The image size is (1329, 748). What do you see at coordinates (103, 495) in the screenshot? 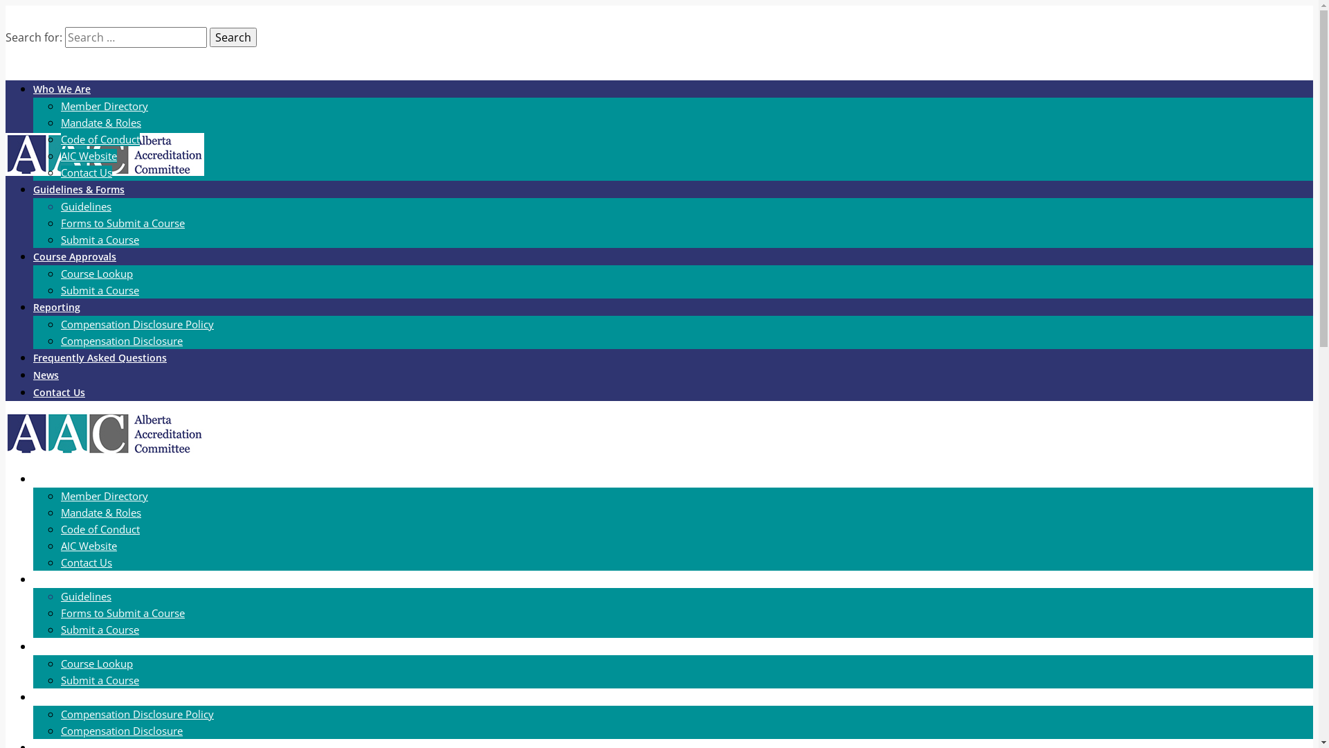
I see `'Member Directory'` at bounding box center [103, 495].